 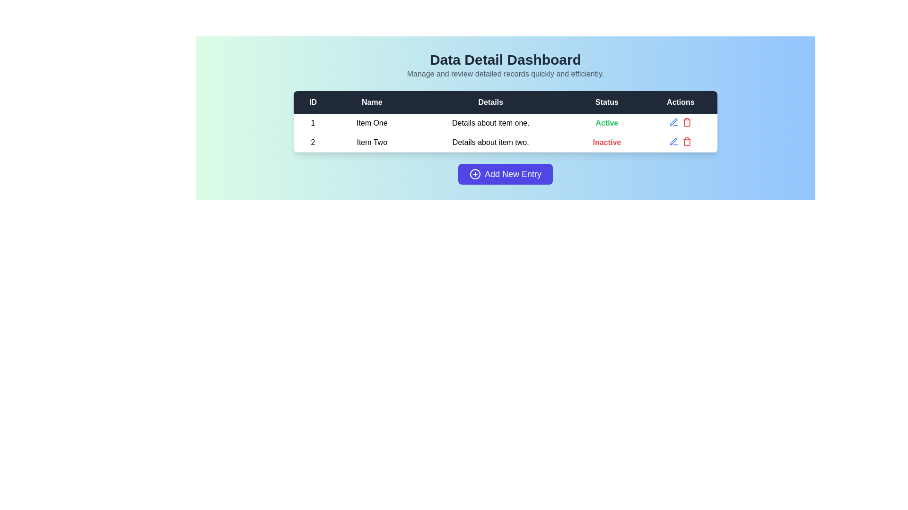 What do you see at coordinates (490, 102) in the screenshot?
I see `the 'Details' column header in the data table, which is located centrally in the header row between 'Name' and 'Status'` at bounding box center [490, 102].